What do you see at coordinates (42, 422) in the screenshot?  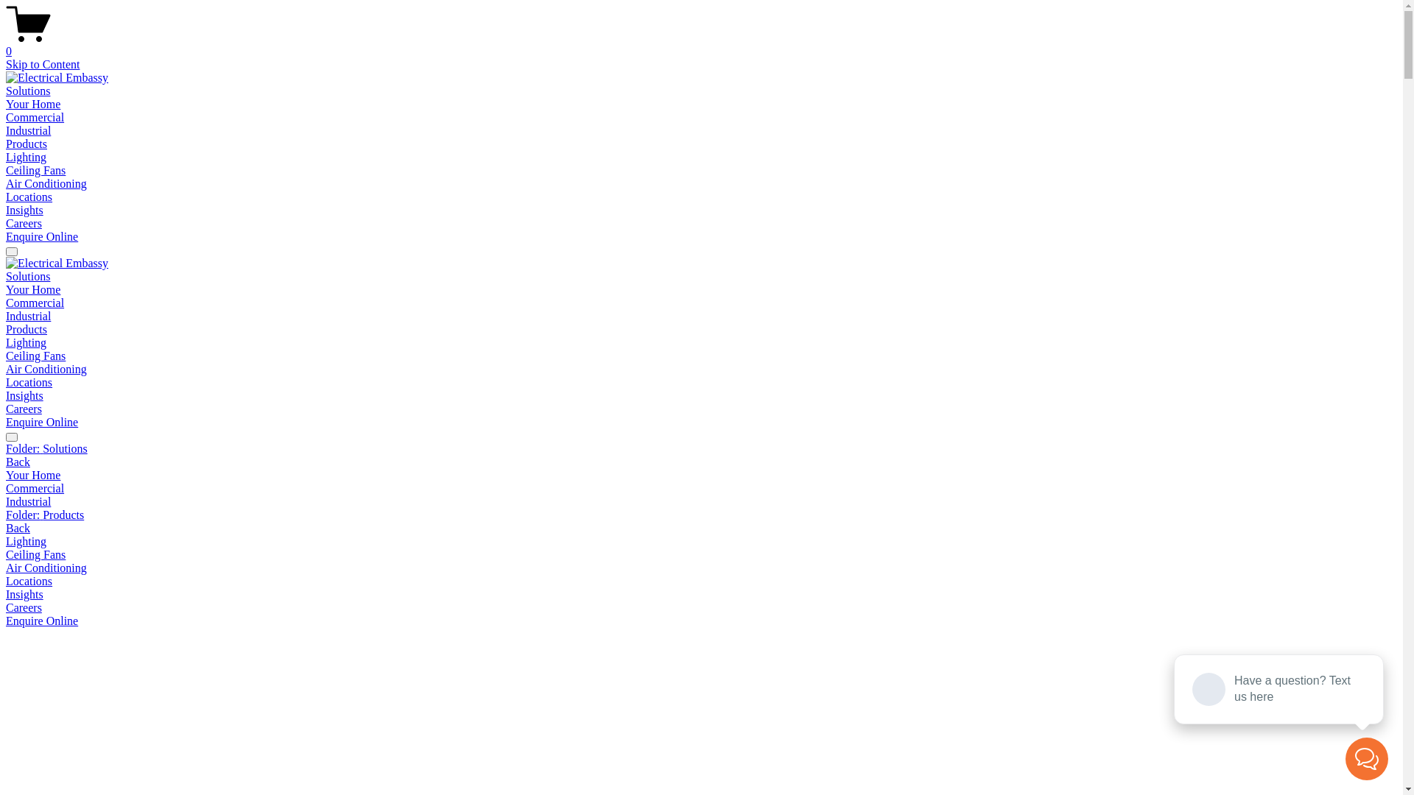 I see `'Enquire Online'` at bounding box center [42, 422].